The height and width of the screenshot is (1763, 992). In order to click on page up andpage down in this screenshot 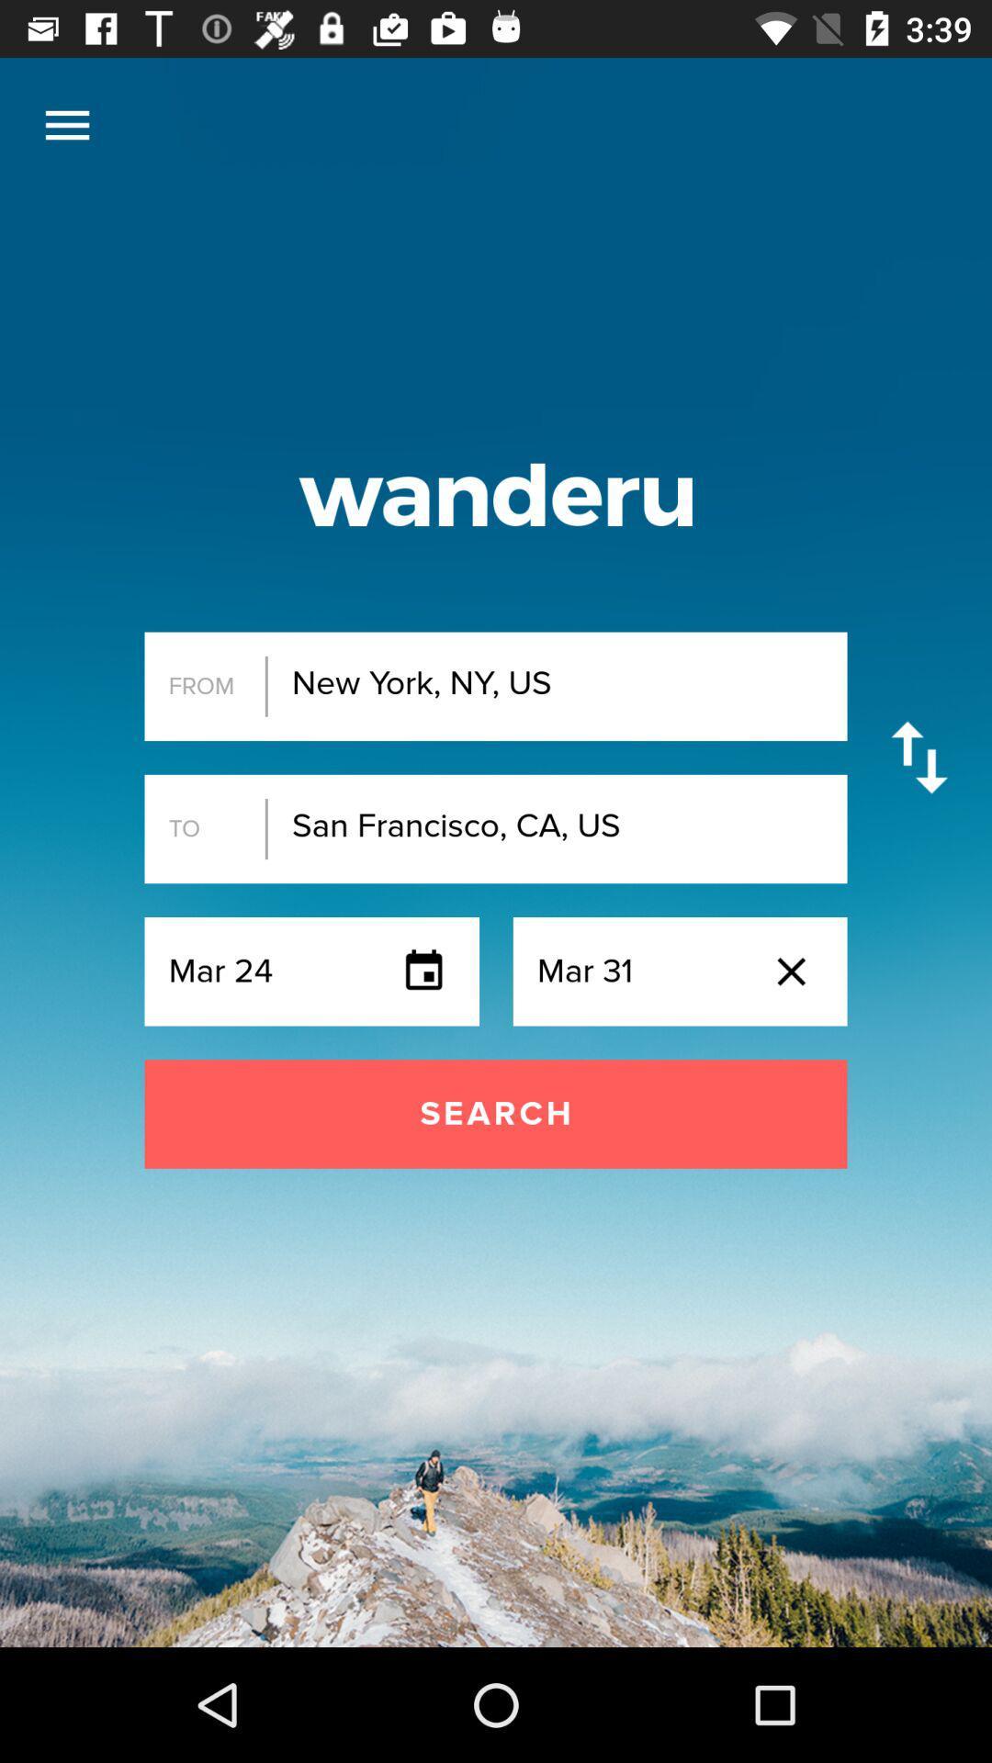, I will do `click(919, 758)`.